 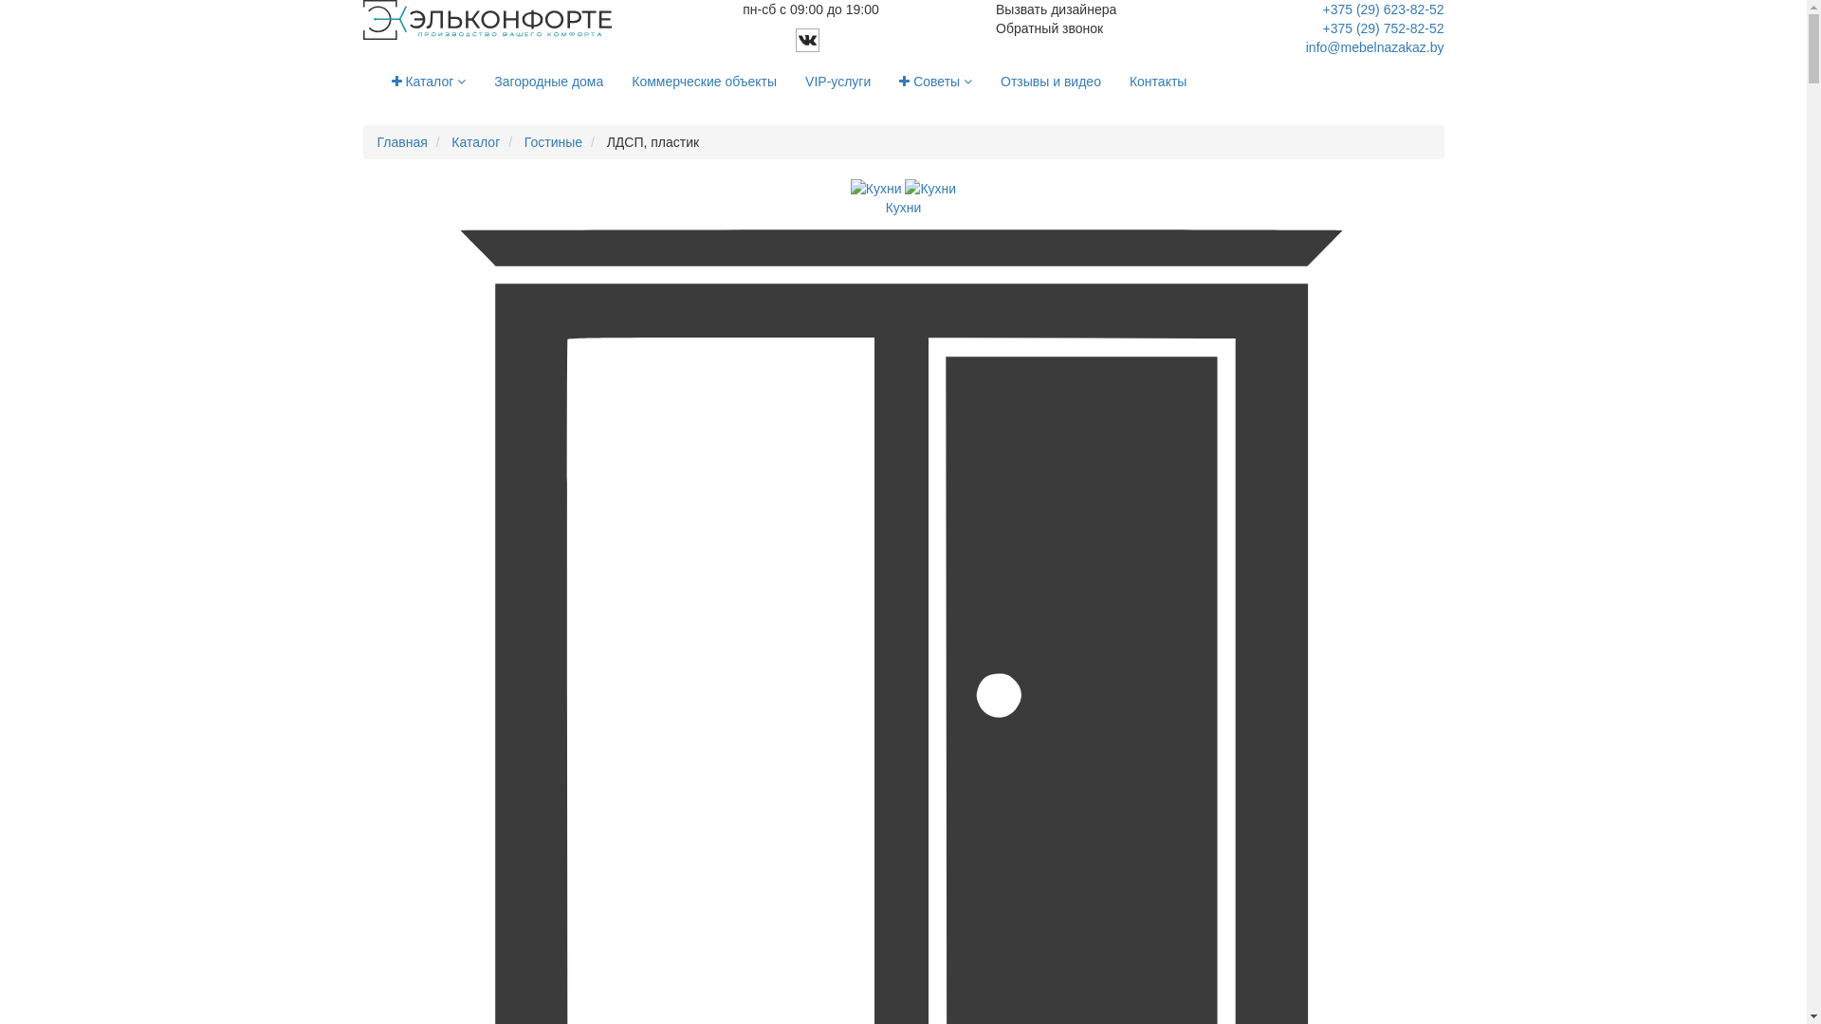 What do you see at coordinates (1383, 9) in the screenshot?
I see `'+375 (29) 623-82-52'` at bounding box center [1383, 9].